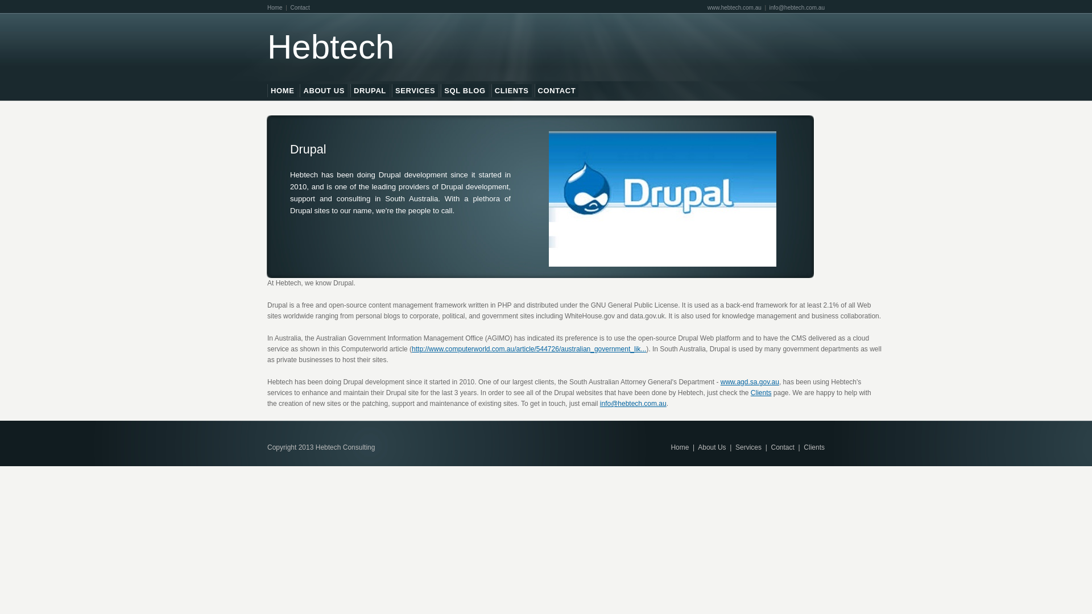  Describe the element at coordinates (796, 7) in the screenshot. I see `'info@hebtech.com.au'` at that location.